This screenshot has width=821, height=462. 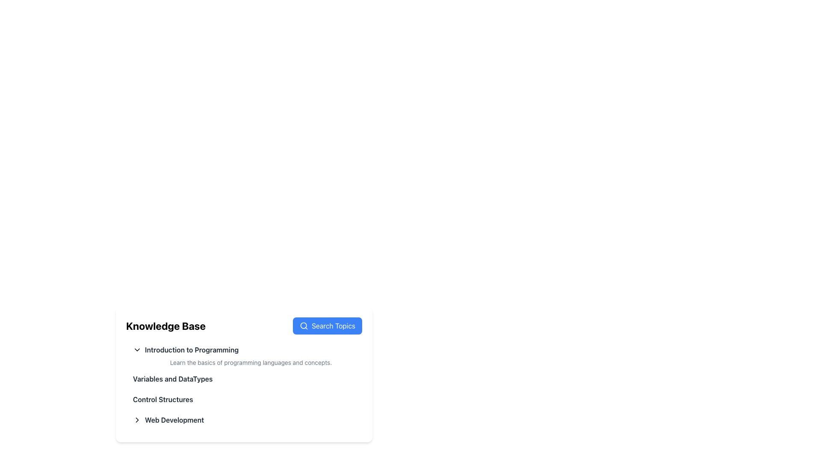 I want to click on the 'Search Topics' button in the 'Knowledge Base' section, so click(x=244, y=326).